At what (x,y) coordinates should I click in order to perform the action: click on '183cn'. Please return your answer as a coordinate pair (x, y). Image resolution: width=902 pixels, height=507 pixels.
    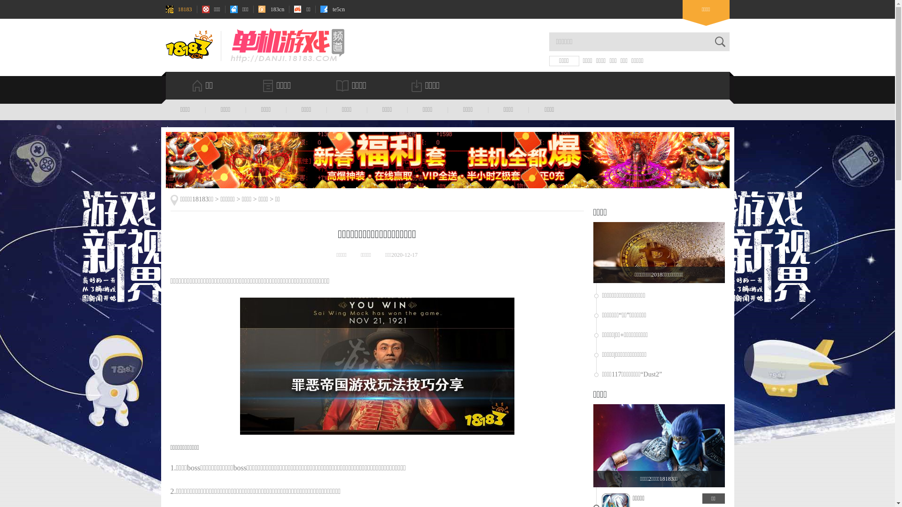
    Looking at the image, I should click on (271, 9).